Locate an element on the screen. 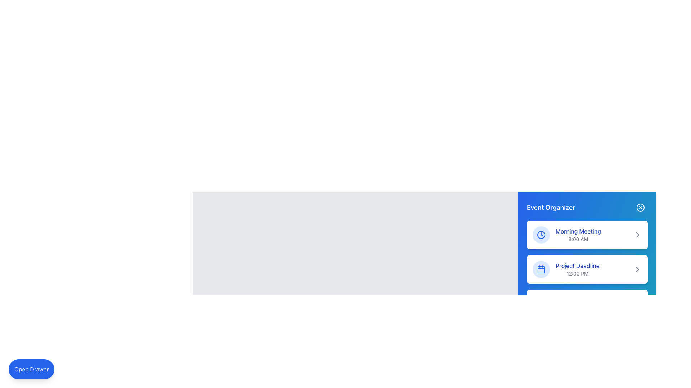 This screenshot has width=691, height=388. the circular close button with a blue background and white 'X' symbol located at the top-right corner of the Event Organizer panel is located at coordinates (641, 208).